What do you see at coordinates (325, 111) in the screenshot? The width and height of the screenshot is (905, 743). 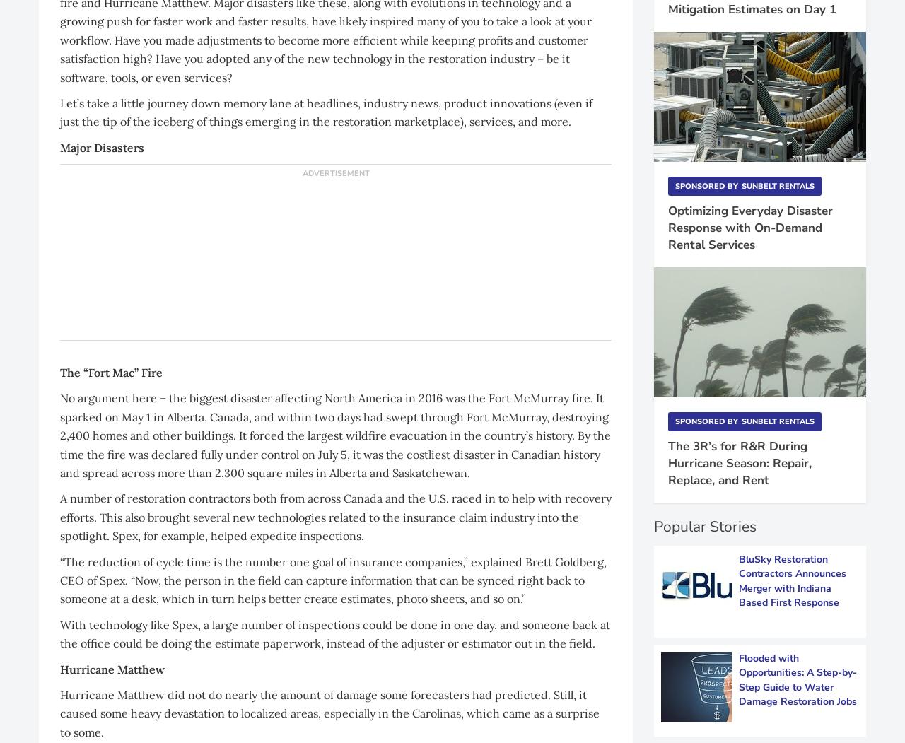 I see `'Let’s take a little journey down memory lane at headlines, industry news, product innovations (even if just the tip of the iceberg of things emerging in the restoration marketplace), services, and more.'` at bounding box center [325, 111].